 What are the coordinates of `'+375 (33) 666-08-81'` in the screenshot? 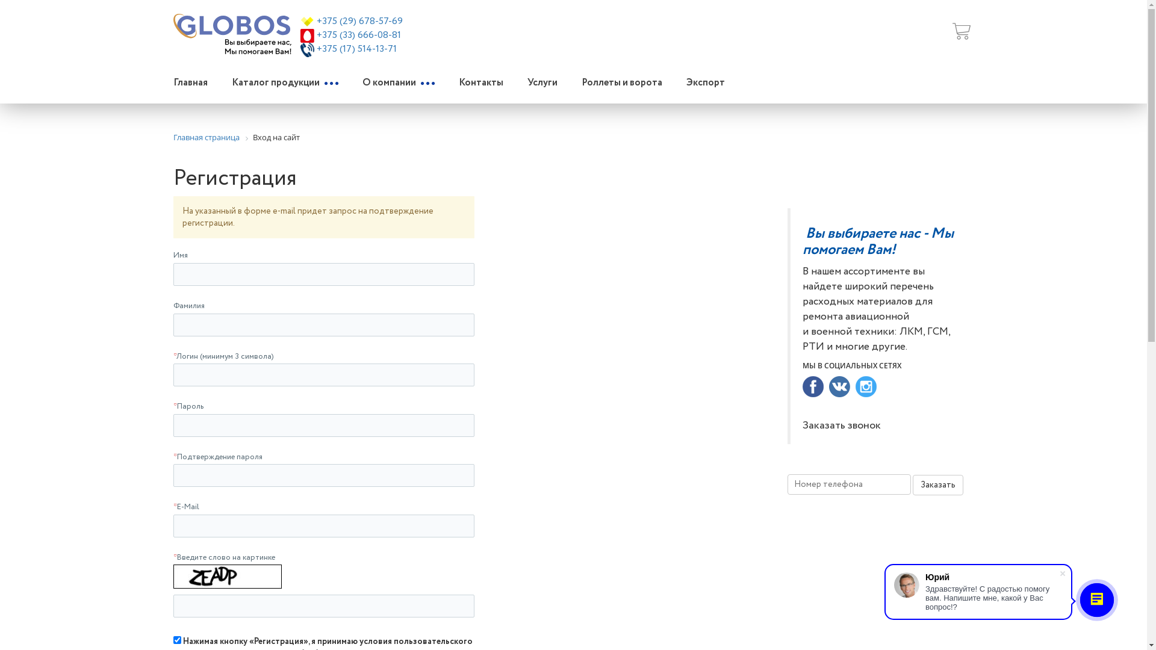 It's located at (317, 34).